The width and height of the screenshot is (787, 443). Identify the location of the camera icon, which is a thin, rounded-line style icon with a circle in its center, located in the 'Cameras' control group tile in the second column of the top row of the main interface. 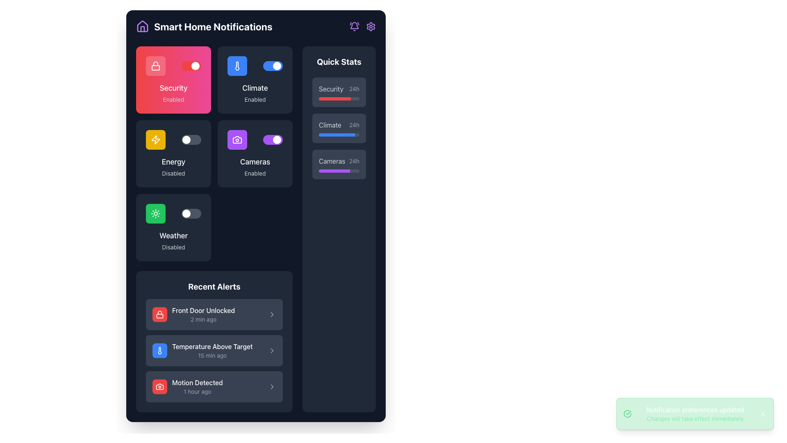
(237, 139).